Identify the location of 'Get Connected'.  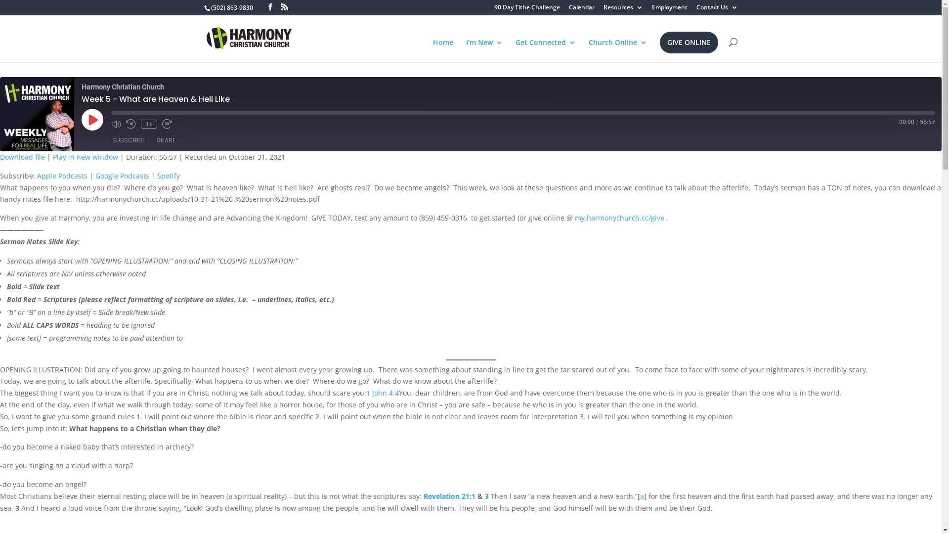
(545, 50).